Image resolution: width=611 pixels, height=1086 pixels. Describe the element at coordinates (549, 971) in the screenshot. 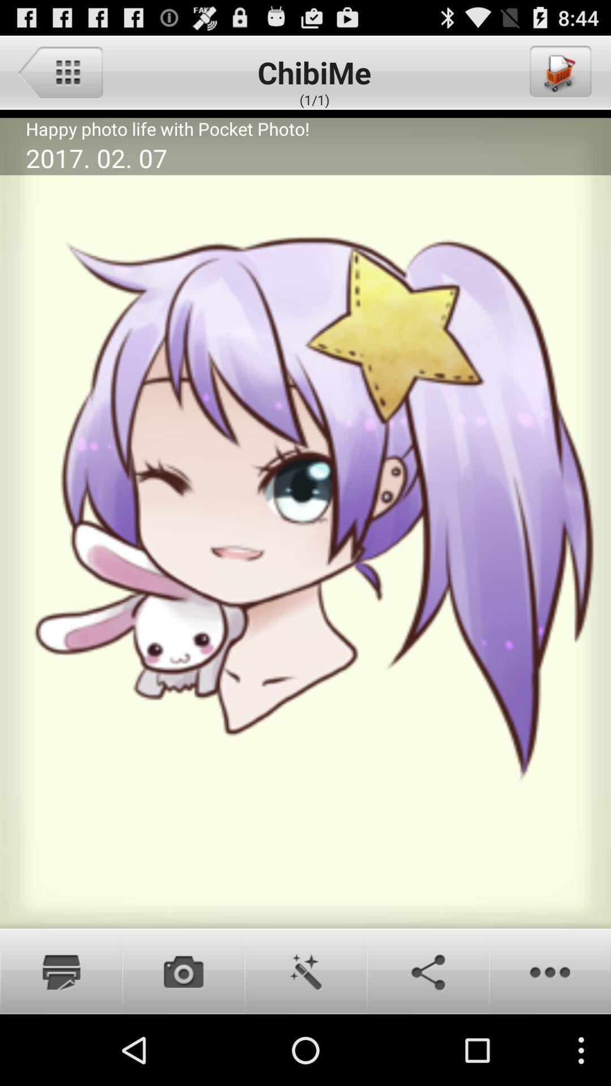

I see `more options button` at that location.